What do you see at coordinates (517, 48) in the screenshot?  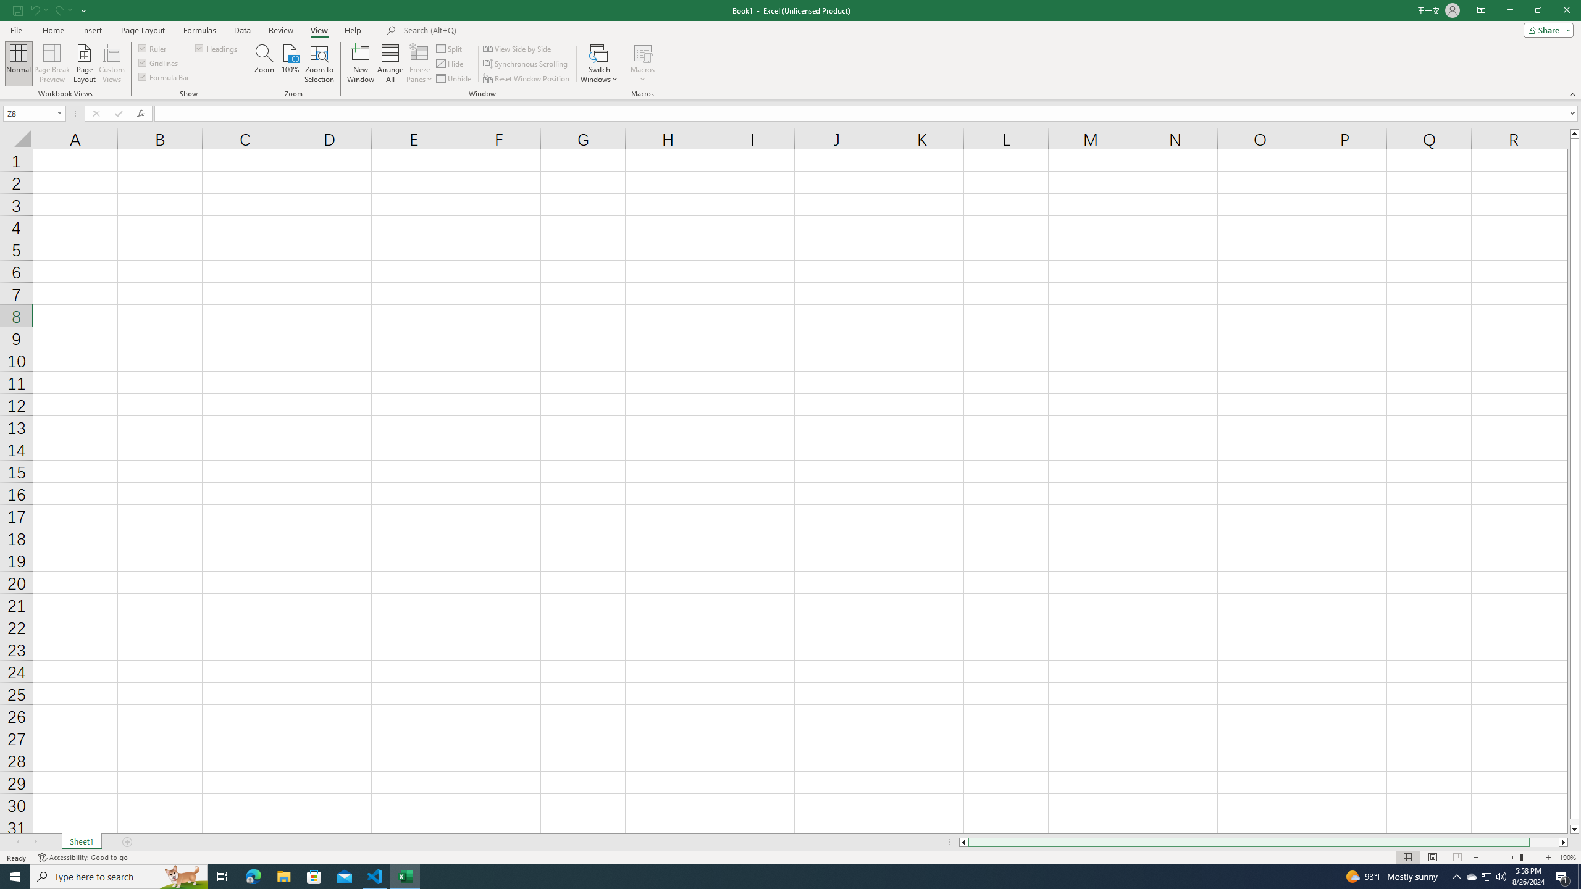 I see `'View Side by Side'` at bounding box center [517, 48].